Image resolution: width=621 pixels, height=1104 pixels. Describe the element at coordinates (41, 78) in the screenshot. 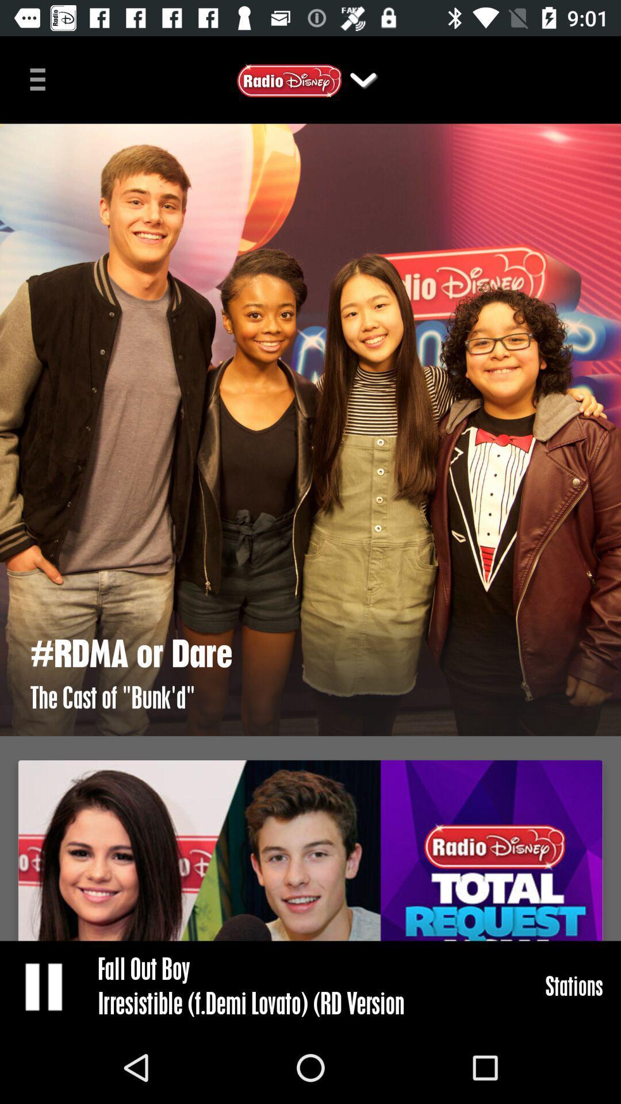

I see `the icon at the top left corner` at that location.